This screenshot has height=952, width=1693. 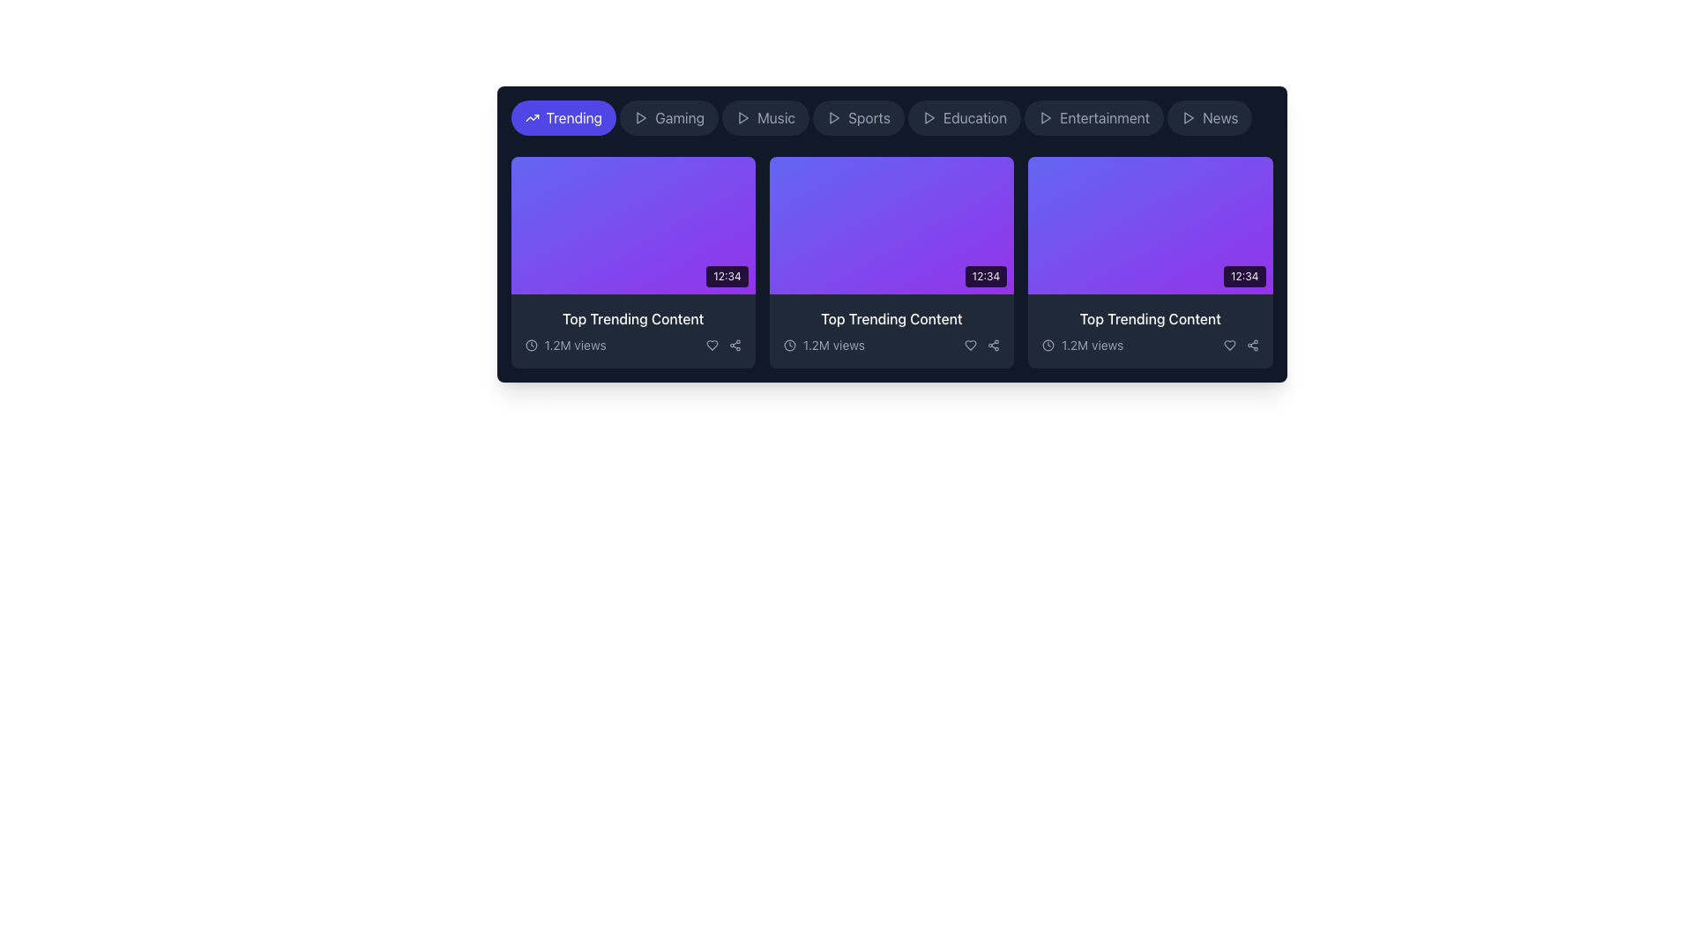 What do you see at coordinates (743, 118) in the screenshot?
I see `the multimedia/music icon located to the left of the 'Music' button in the horizontal navigation bar` at bounding box center [743, 118].